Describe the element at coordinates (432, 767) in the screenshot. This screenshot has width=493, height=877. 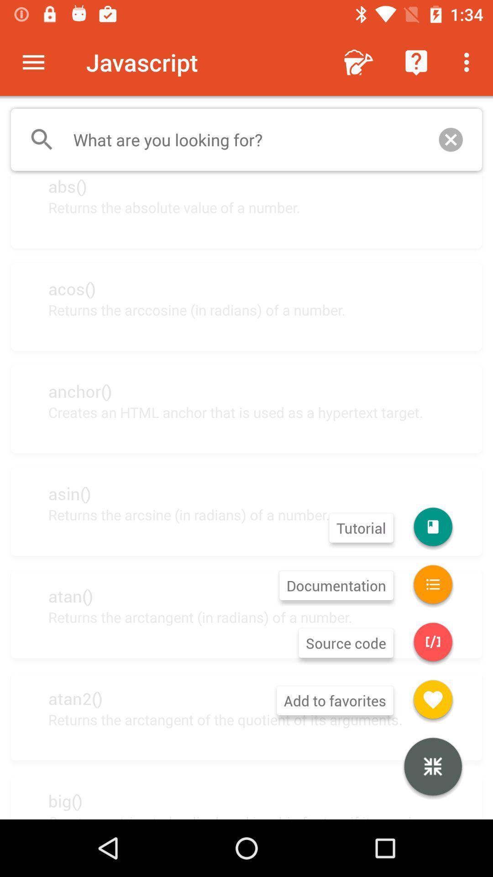
I see `item above the creates a string item` at that location.